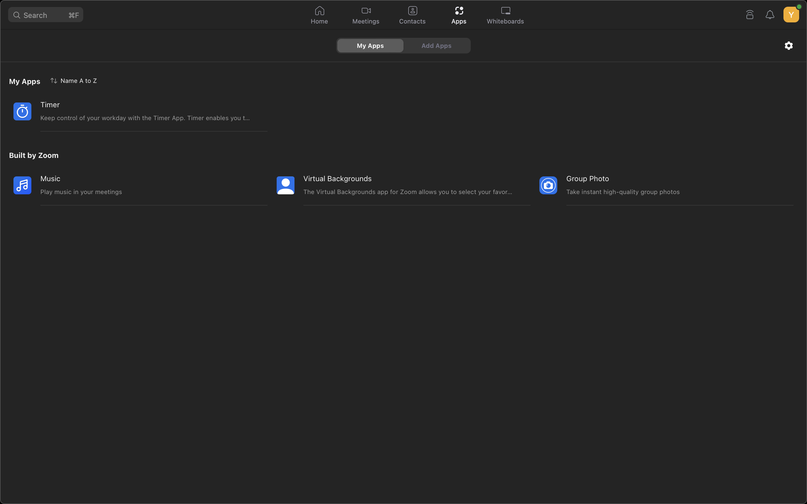 The width and height of the screenshot is (807, 504). I want to click on the button to add new applications, so click(437, 45).